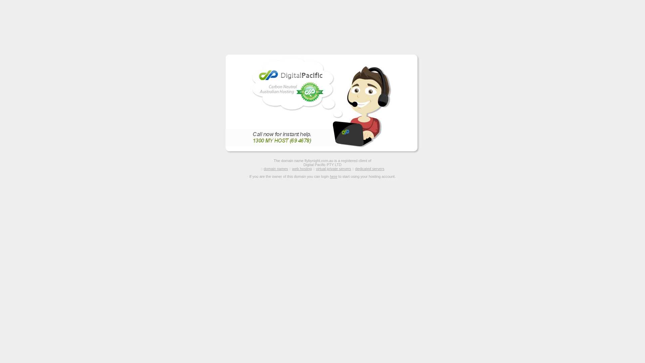 This screenshot has width=645, height=363. I want to click on 'web hosting', so click(302, 168).